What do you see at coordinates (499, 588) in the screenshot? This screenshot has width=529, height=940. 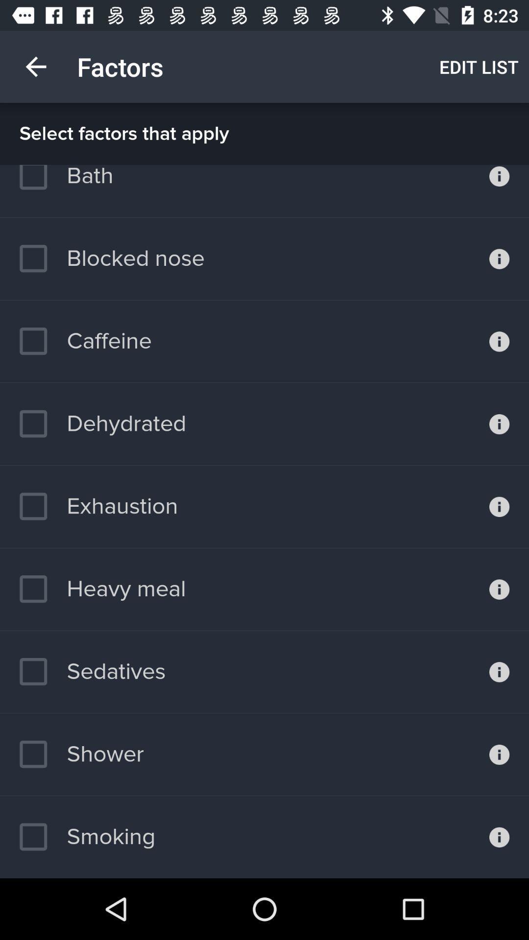 I see `get information about the heavy meal factor` at bounding box center [499, 588].